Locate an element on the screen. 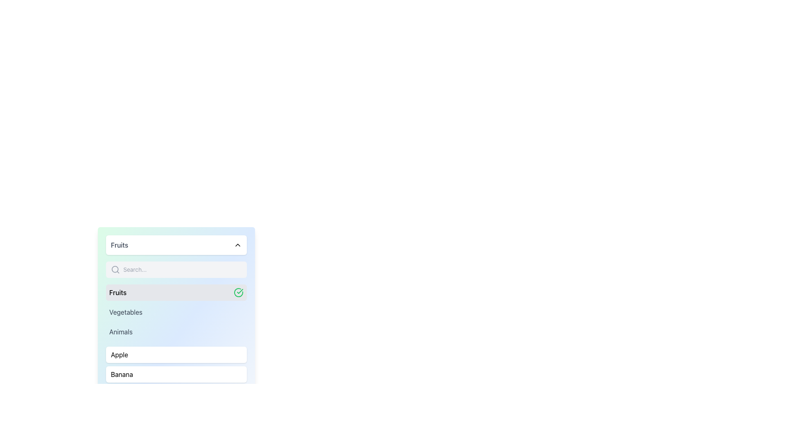 The height and width of the screenshot is (442, 786). the 'Apple' text label from the dropdown menu is located at coordinates (119, 354).